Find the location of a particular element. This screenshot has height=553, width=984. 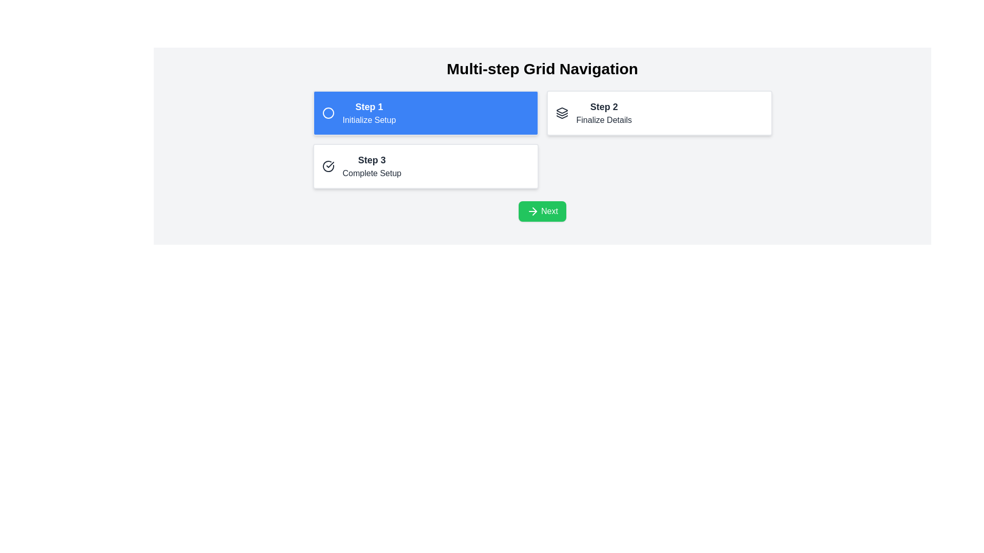

the 'Finalize Details' informational navigation card, which is the second step in a multi-step navigation process, to trigger additional effects is located at coordinates (659, 113).